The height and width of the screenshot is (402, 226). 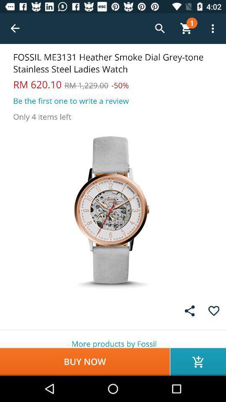 I want to click on the item above the more products by icon, so click(x=214, y=310).